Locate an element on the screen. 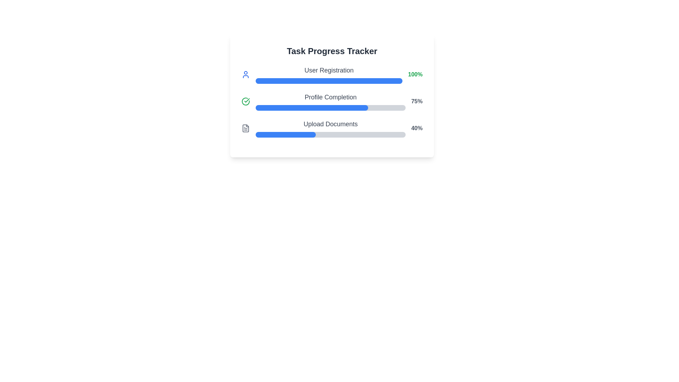 Image resolution: width=679 pixels, height=382 pixels. the first segment of the third progress bar in a vertical list, which is a blue rounded-progress bar indicating 40% completion for 'Upload Documents' is located at coordinates (285, 135).